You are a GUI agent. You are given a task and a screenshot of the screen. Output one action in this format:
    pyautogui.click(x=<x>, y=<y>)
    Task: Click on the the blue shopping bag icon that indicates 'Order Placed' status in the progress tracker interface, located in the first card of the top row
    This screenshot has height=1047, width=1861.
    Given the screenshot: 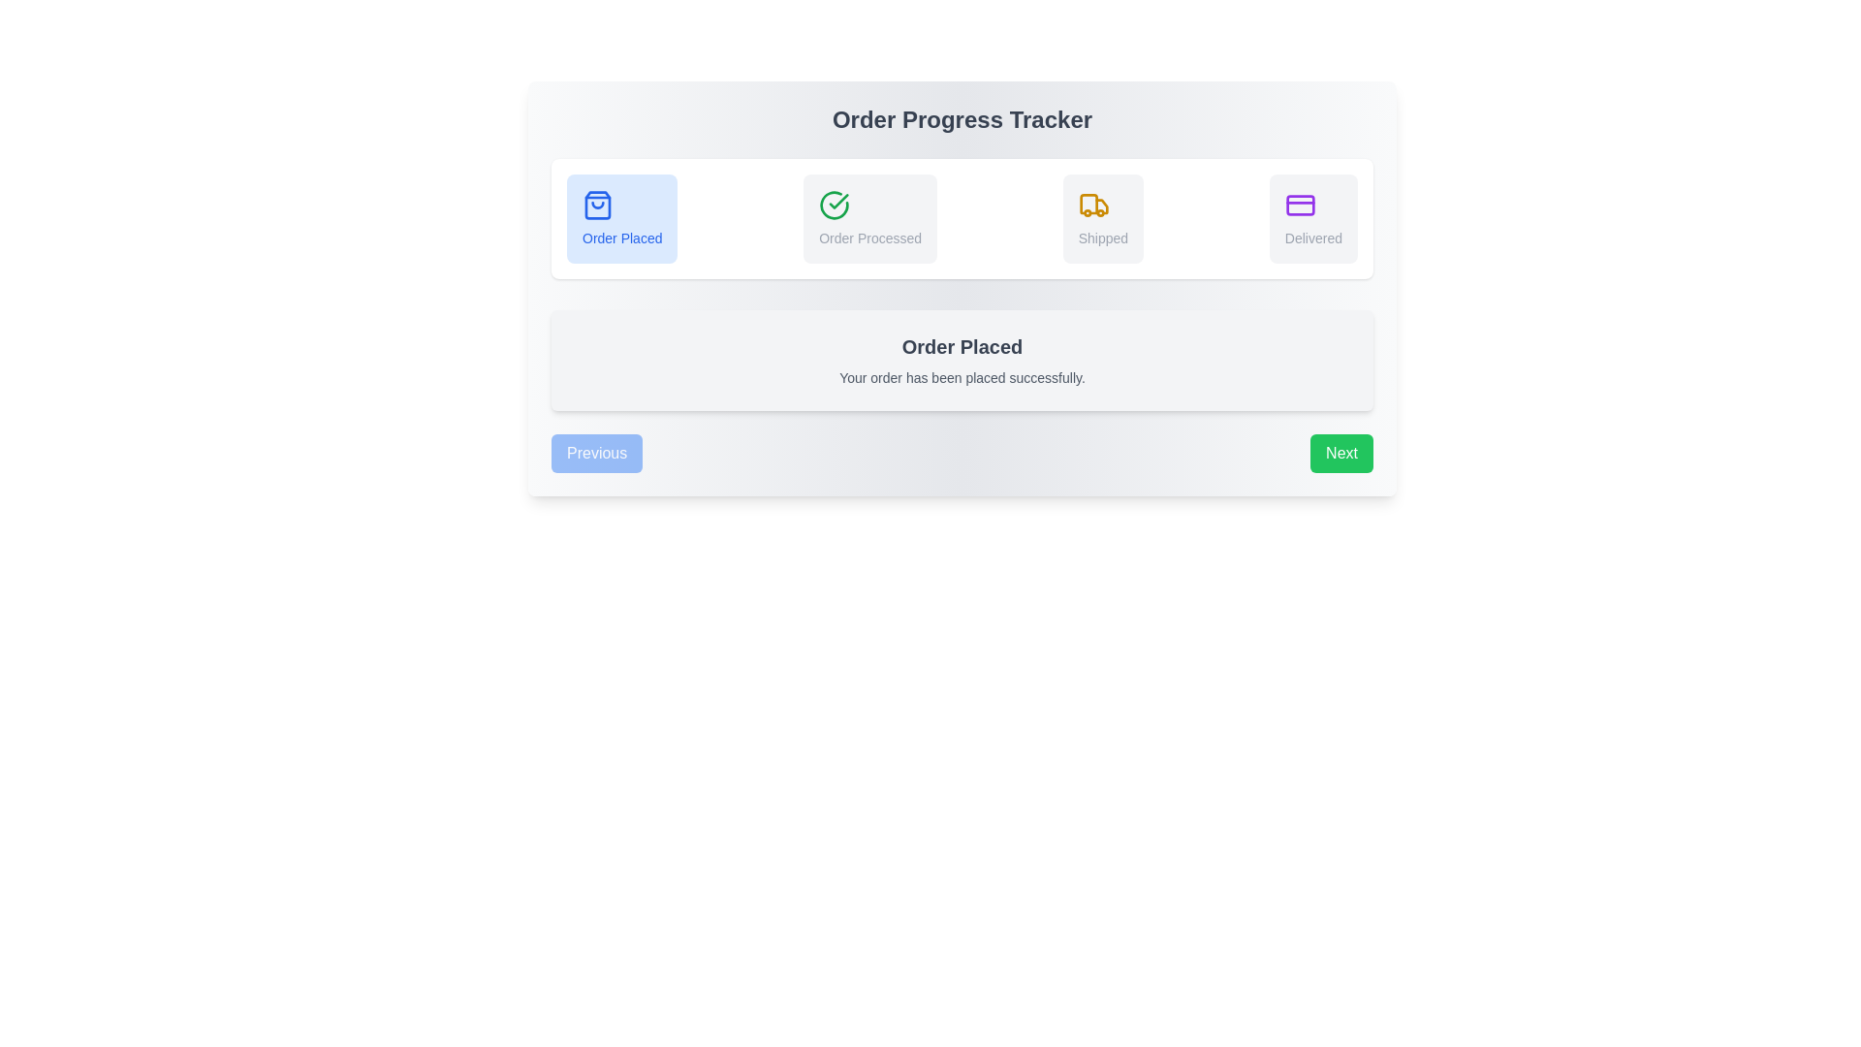 What is the action you would take?
    pyautogui.click(x=597, y=206)
    